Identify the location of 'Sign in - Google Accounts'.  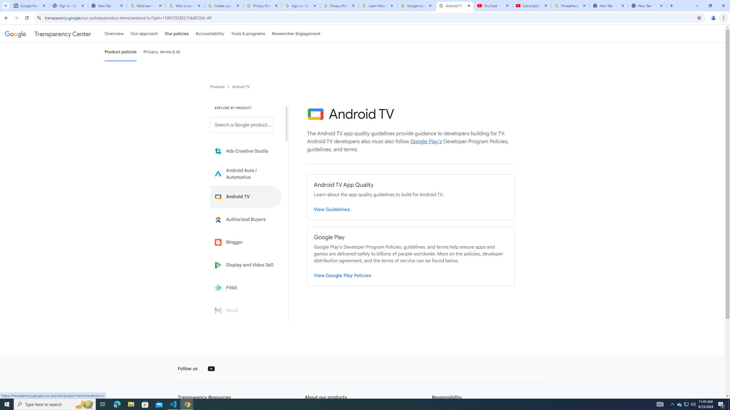
(300, 5).